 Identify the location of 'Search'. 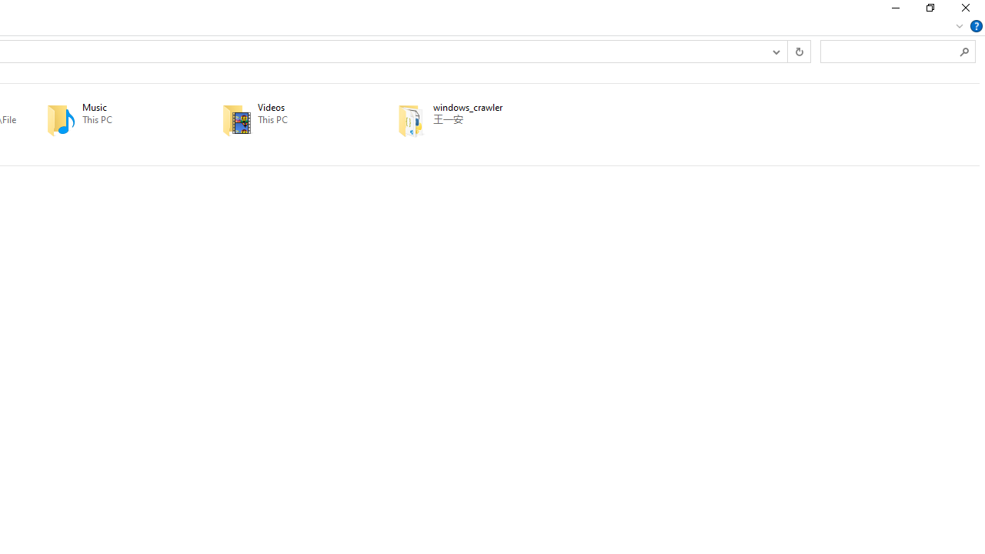
(963, 50).